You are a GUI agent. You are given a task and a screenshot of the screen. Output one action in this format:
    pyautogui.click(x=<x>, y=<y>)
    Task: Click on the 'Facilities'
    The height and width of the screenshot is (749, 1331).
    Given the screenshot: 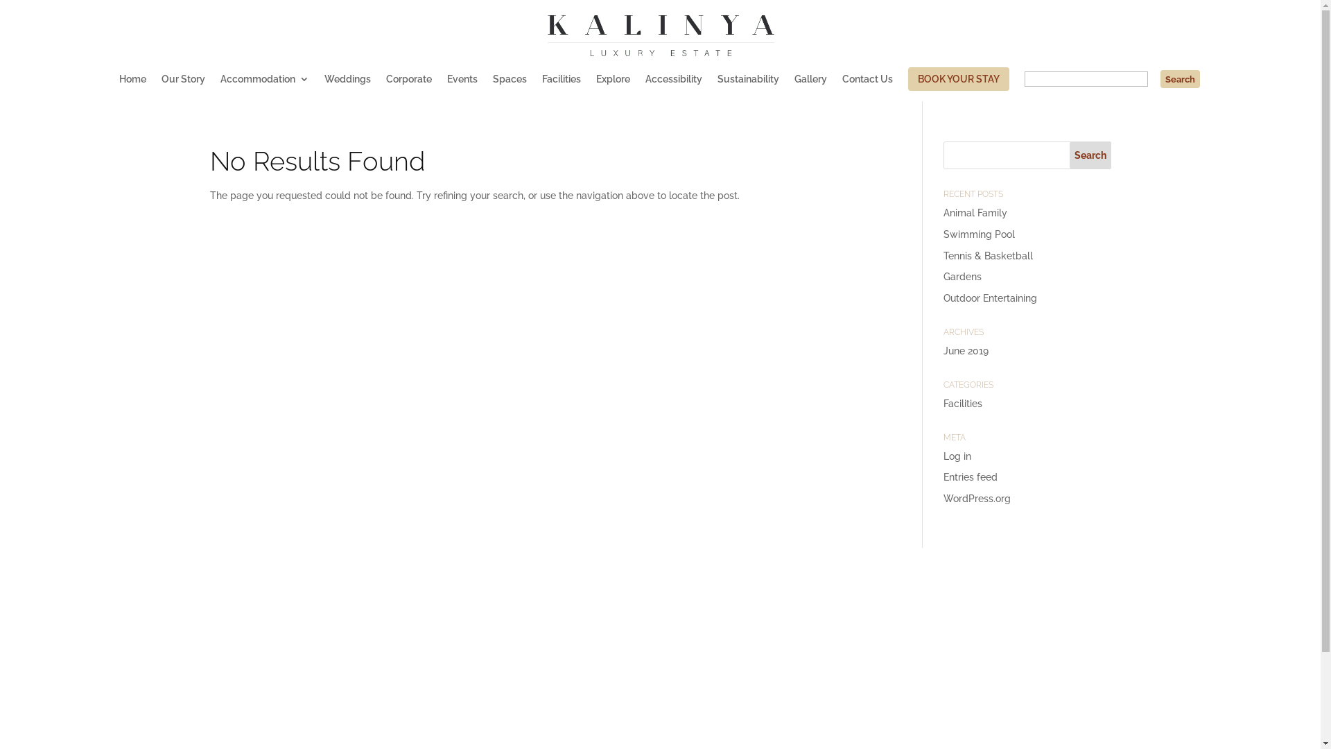 What is the action you would take?
    pyautogui.click(x=943, y=404)
    